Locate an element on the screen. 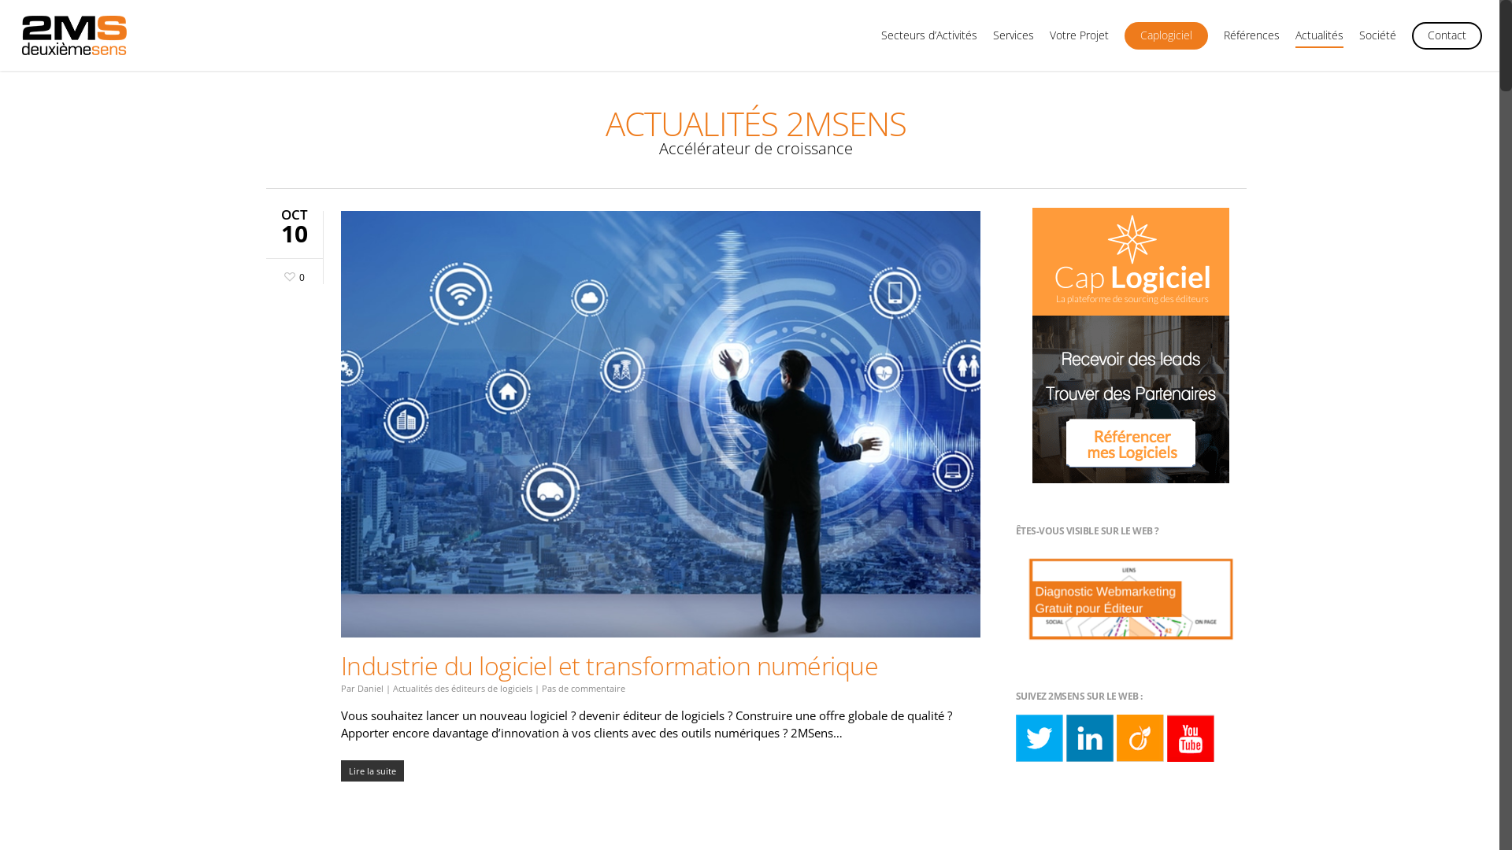 The height and width of the screenshot is (850, 1512). 'Daniel' is located at coordinates (369, 687).